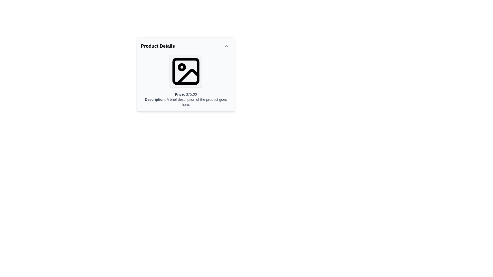 The image size is (493, 277). I want to click on the Icon component, which is a square with rounded corners located in the top-left corner of an image representing a magnifying glass, within the 'Product Details' card, so click(186, 71).